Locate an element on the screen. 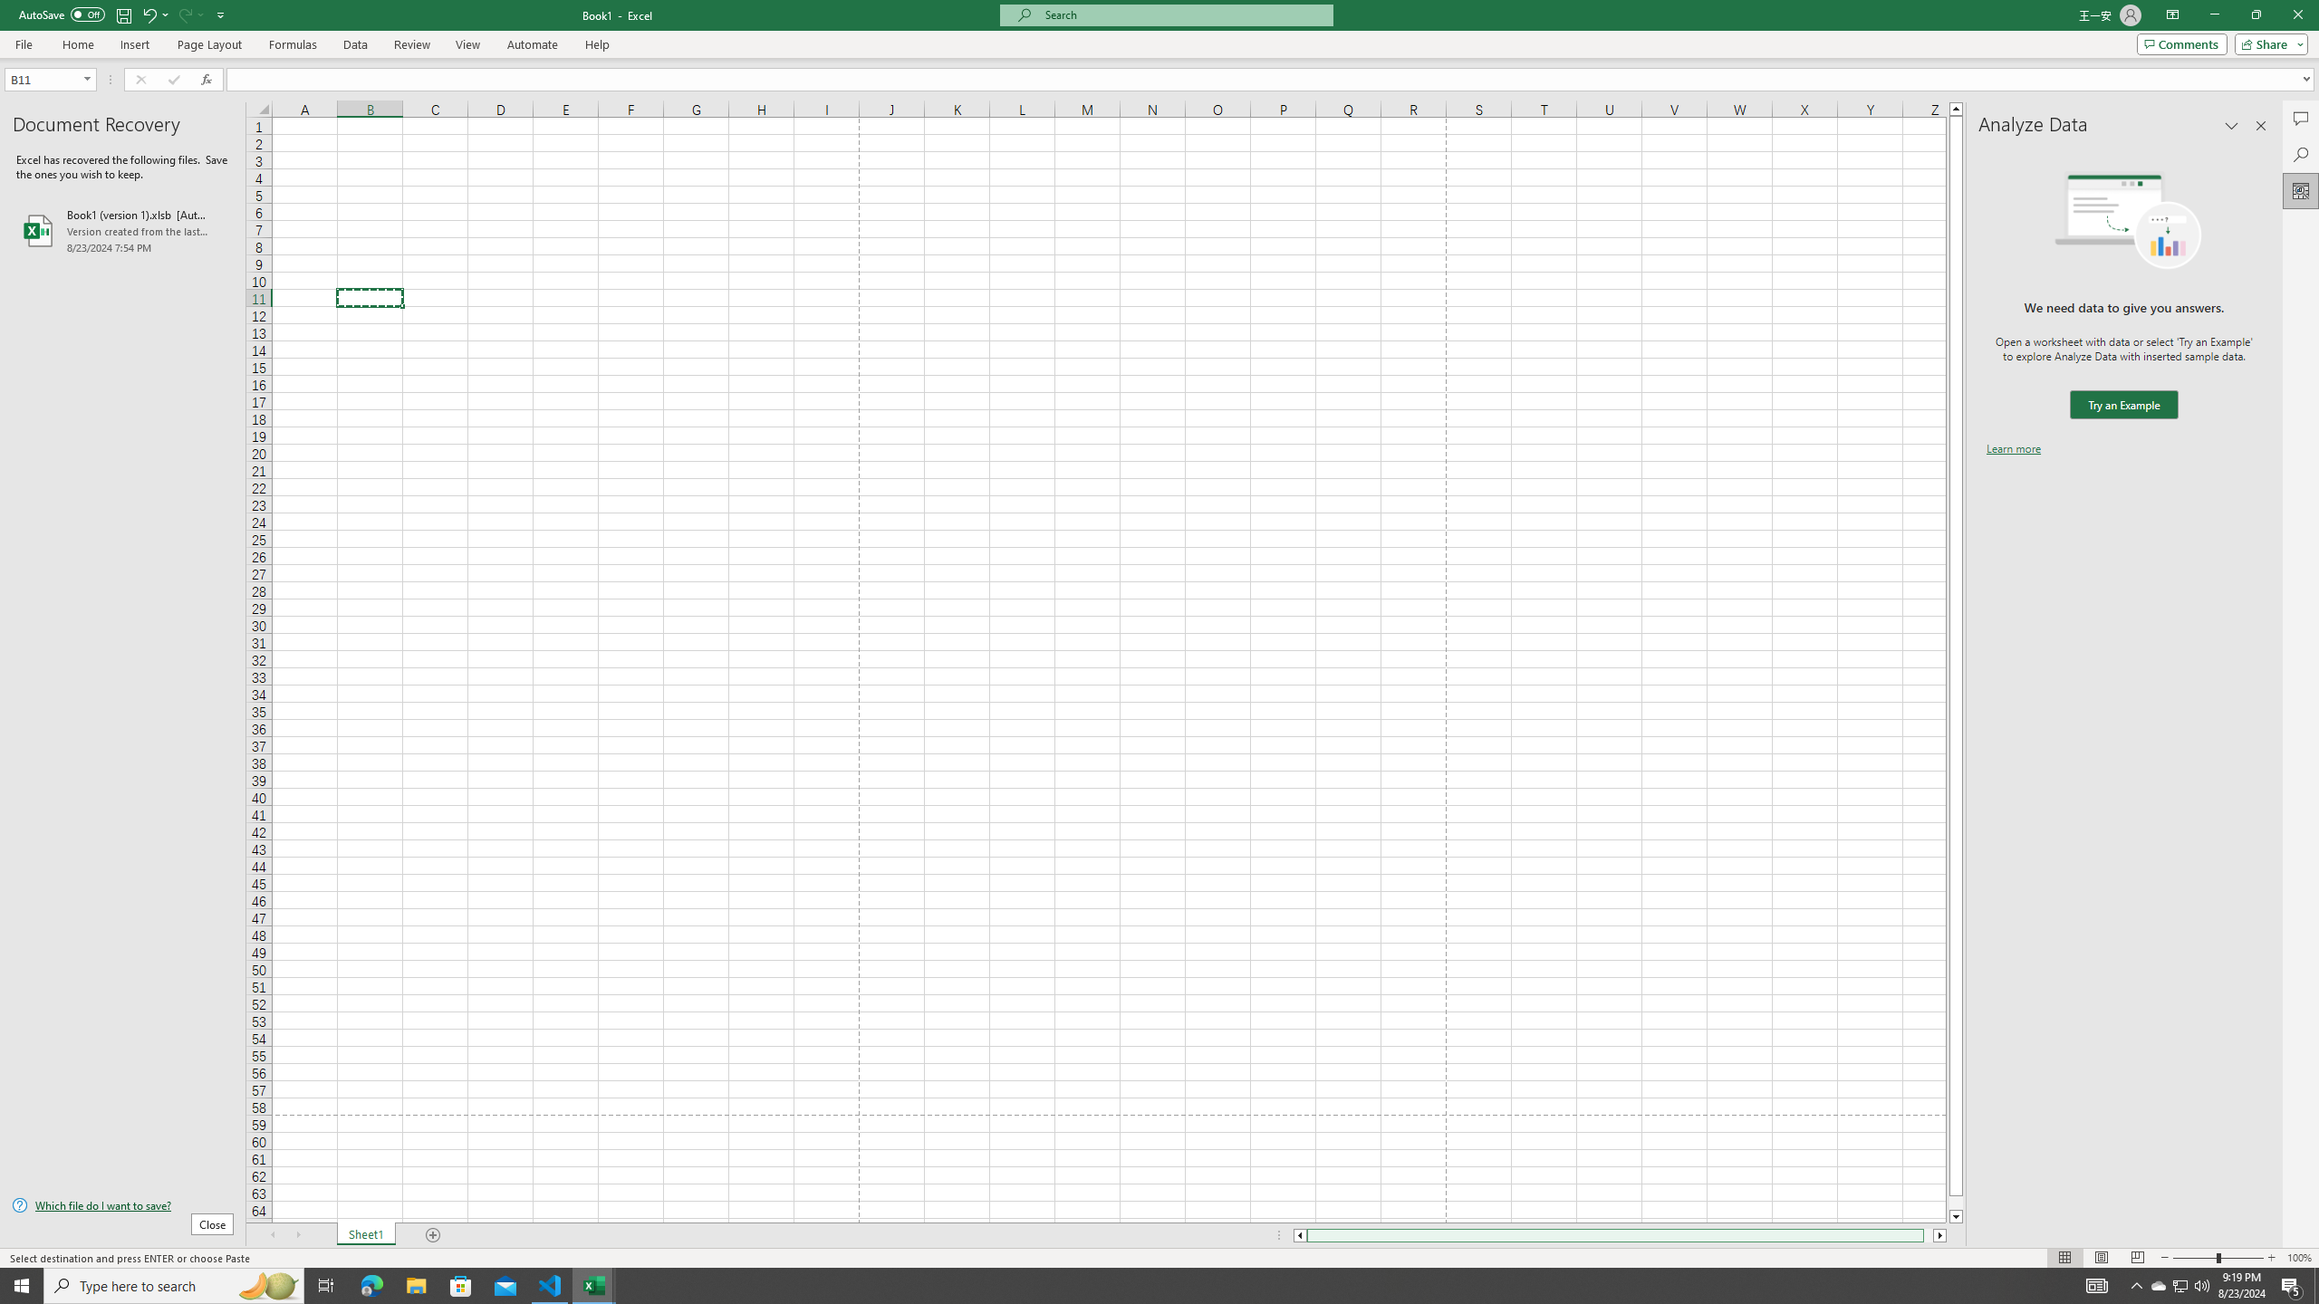 The width and height of the screenshot is (2319, 1304). 'Restore Down' is located at coordinates (2256, 14).